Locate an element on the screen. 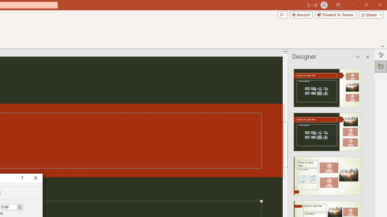  'Less' is located at coordinates (19, 208).